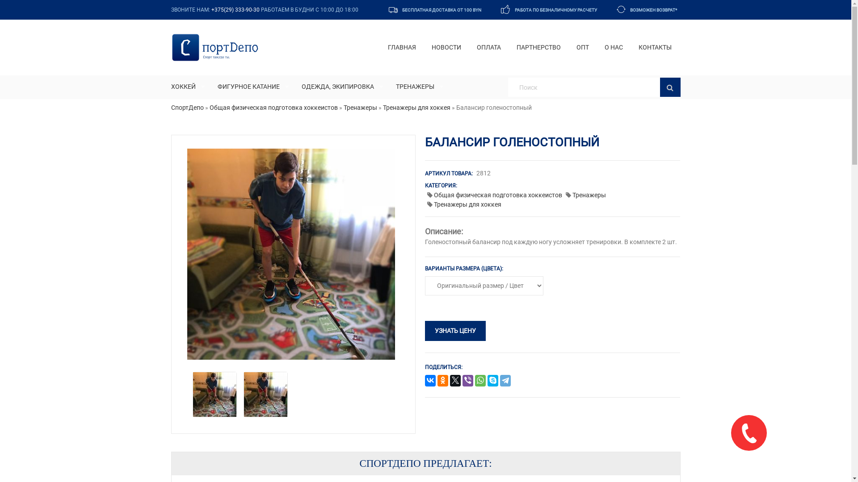  Describe the element at coordinates (455, 381) in the screenshot. I see `'Twitter'` at that location.